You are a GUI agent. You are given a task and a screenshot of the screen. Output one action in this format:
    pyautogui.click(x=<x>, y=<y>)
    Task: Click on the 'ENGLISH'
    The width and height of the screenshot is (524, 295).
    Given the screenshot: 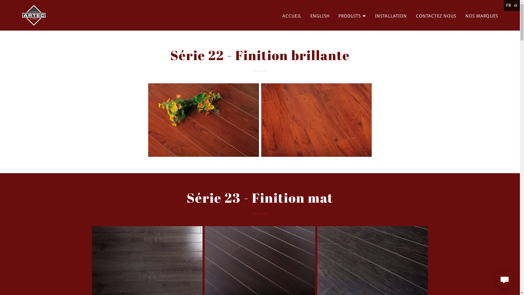 What is the action you would take?
    pyautogui.click(x=320, y=15)
    